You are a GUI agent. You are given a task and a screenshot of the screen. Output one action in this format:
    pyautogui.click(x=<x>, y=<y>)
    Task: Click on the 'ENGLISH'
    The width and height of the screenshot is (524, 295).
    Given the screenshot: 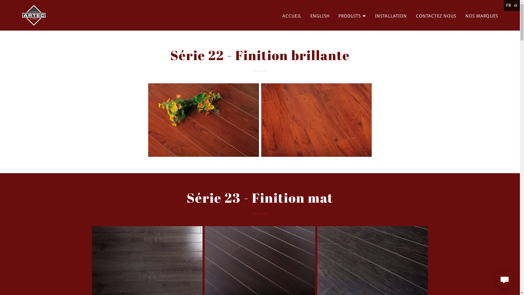 What is the action you would take?
    pyautogui.click(x=320, y=15)
    